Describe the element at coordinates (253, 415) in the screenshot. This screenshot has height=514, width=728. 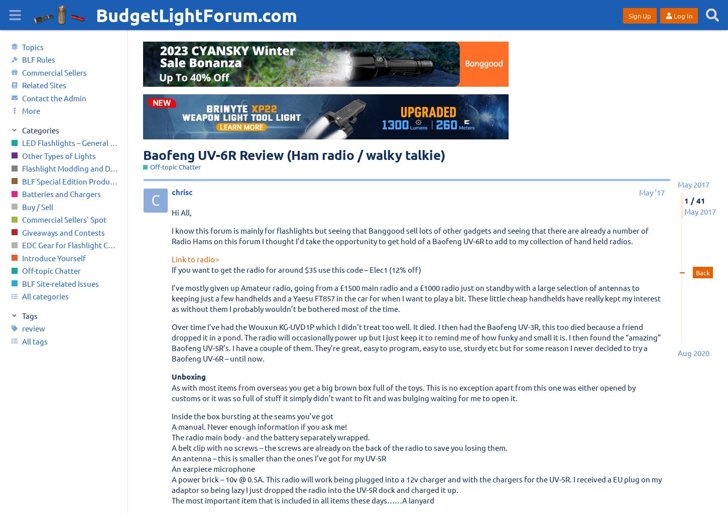
I see `'Inside the box bursting at the seams you’ve got'` at that location.